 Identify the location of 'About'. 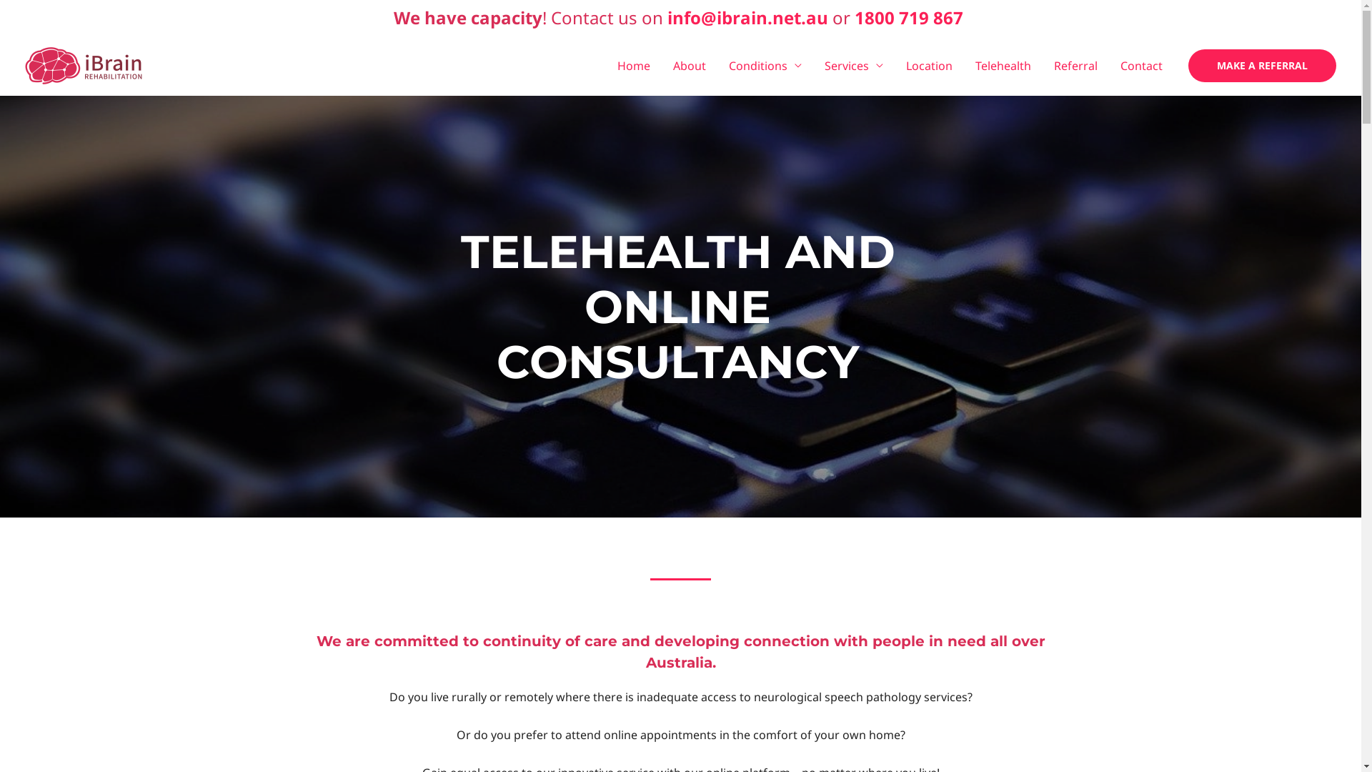
(661, 66).